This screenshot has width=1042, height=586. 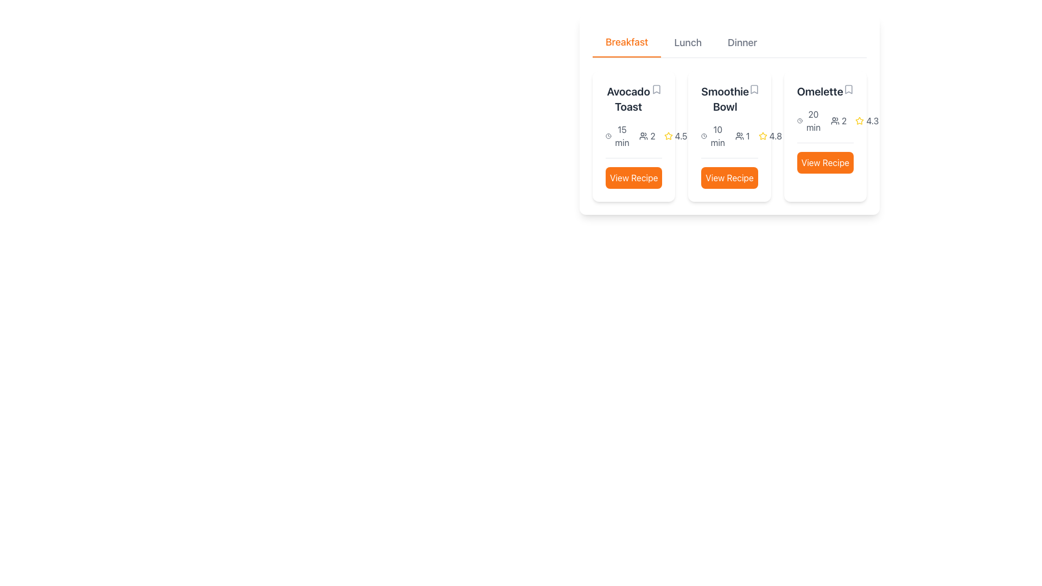 What do you see at coordinates (628, 99) in the screenshot?
I see `the 'Avocado Toast' text label which serves as a title for the card, located at the top of the leftmost card in a horizontally aligned card group` at bounding box center [628, 99].